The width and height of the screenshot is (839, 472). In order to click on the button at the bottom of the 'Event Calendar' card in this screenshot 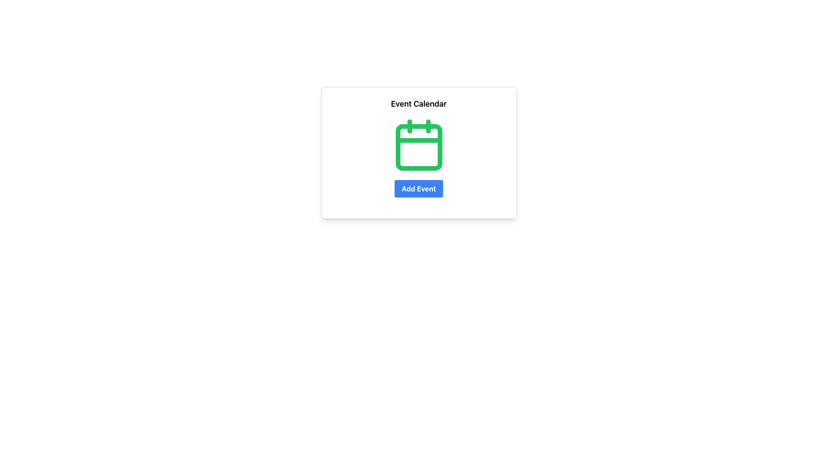, I will do `click(418, 188)`.